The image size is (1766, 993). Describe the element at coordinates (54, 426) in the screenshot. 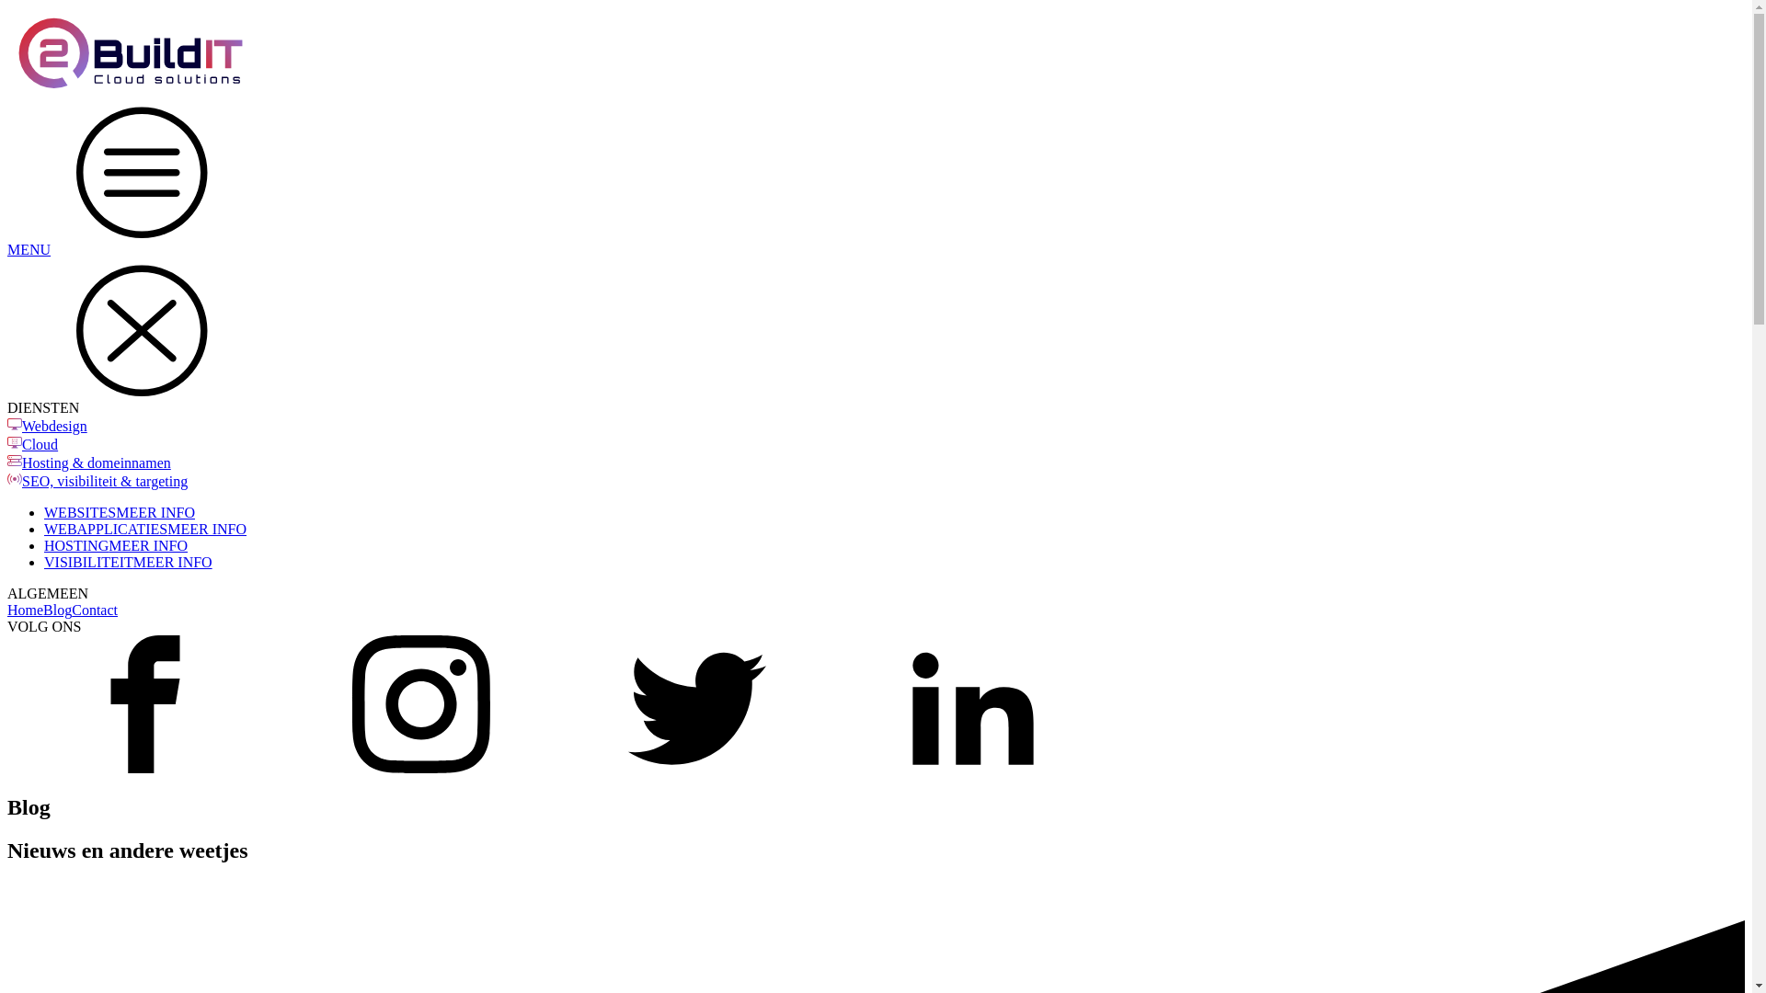

I see `'Webdesign'` at that location.